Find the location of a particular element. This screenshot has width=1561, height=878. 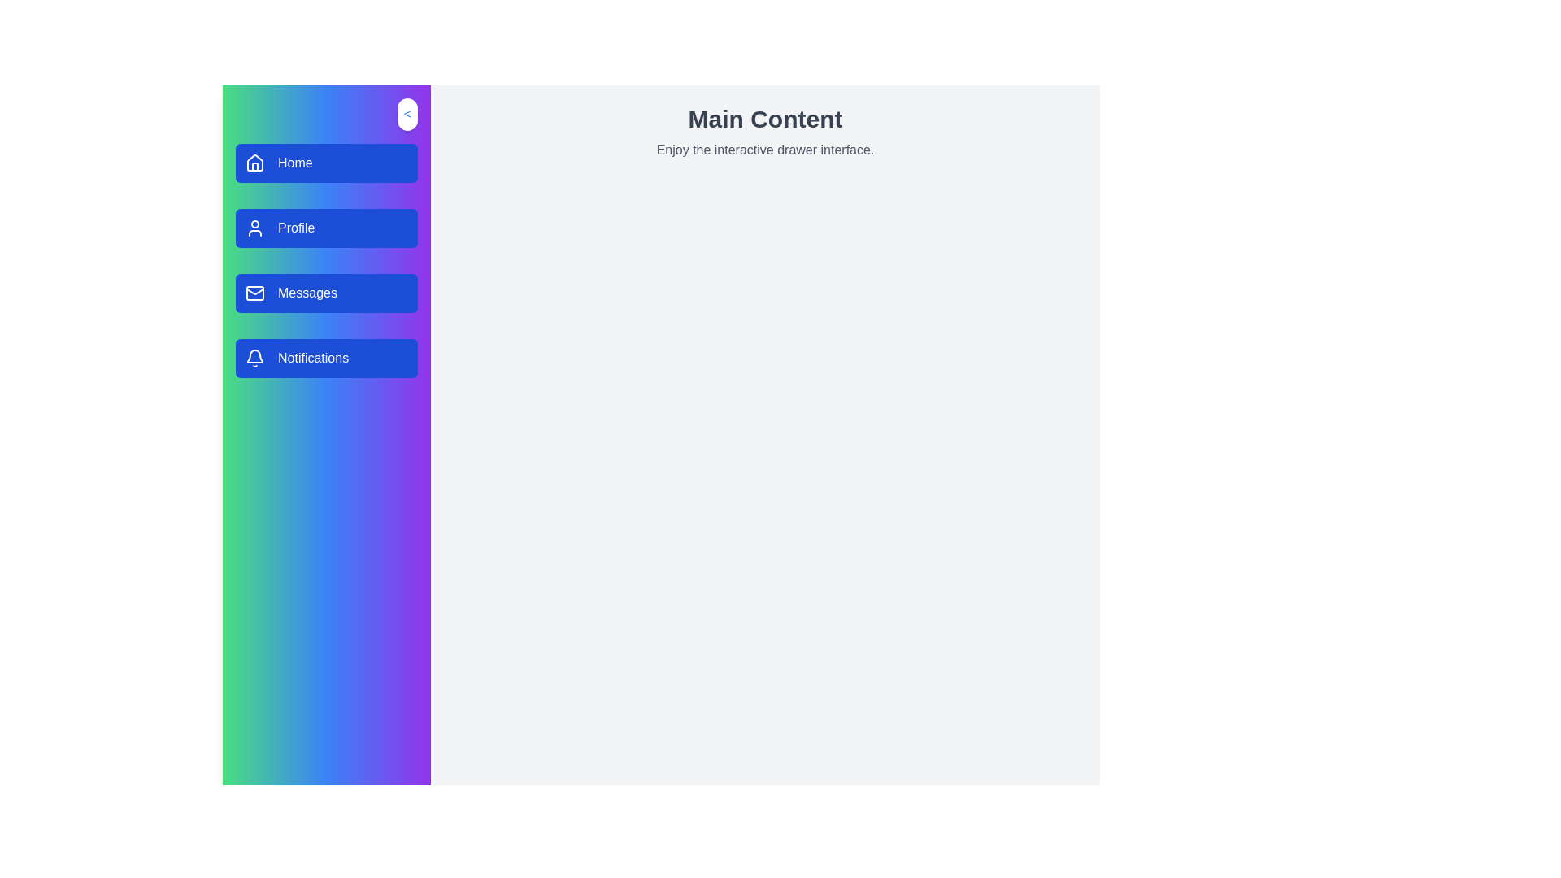

the user profile icon located on the second row of the sidebar menu, next to the text 'Profile' is located at coordinates (254, 228).